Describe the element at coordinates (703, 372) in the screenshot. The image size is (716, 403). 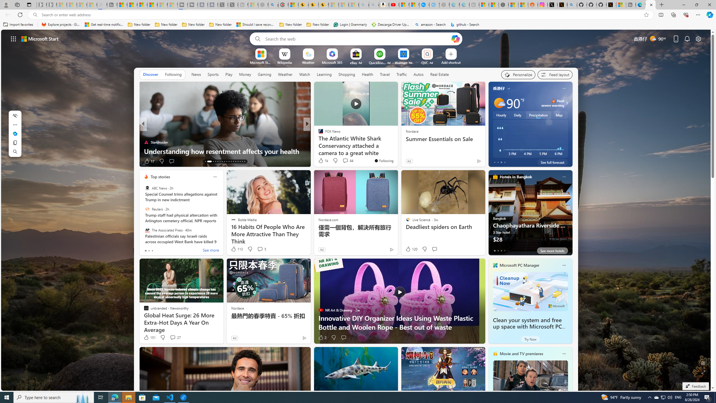
I see `'Expand background'` at that location.